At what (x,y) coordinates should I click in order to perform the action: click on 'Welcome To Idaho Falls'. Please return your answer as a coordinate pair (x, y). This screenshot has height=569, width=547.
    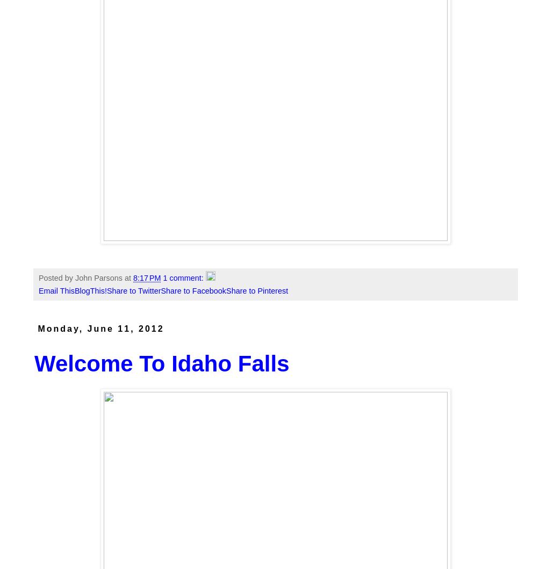
    Looking at the image, I should click on (162, 363).